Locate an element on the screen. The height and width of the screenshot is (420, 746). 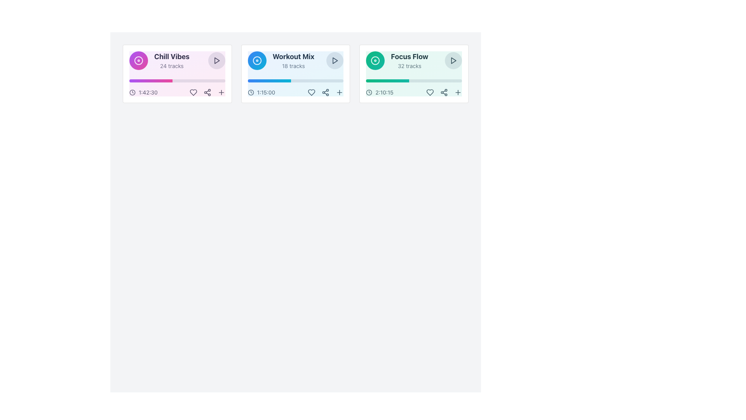
the play button located at the far right of the 'Focus Flow' section to initiate playback of the 'Focus Flow' playlist is located at coordinates (453, 60).